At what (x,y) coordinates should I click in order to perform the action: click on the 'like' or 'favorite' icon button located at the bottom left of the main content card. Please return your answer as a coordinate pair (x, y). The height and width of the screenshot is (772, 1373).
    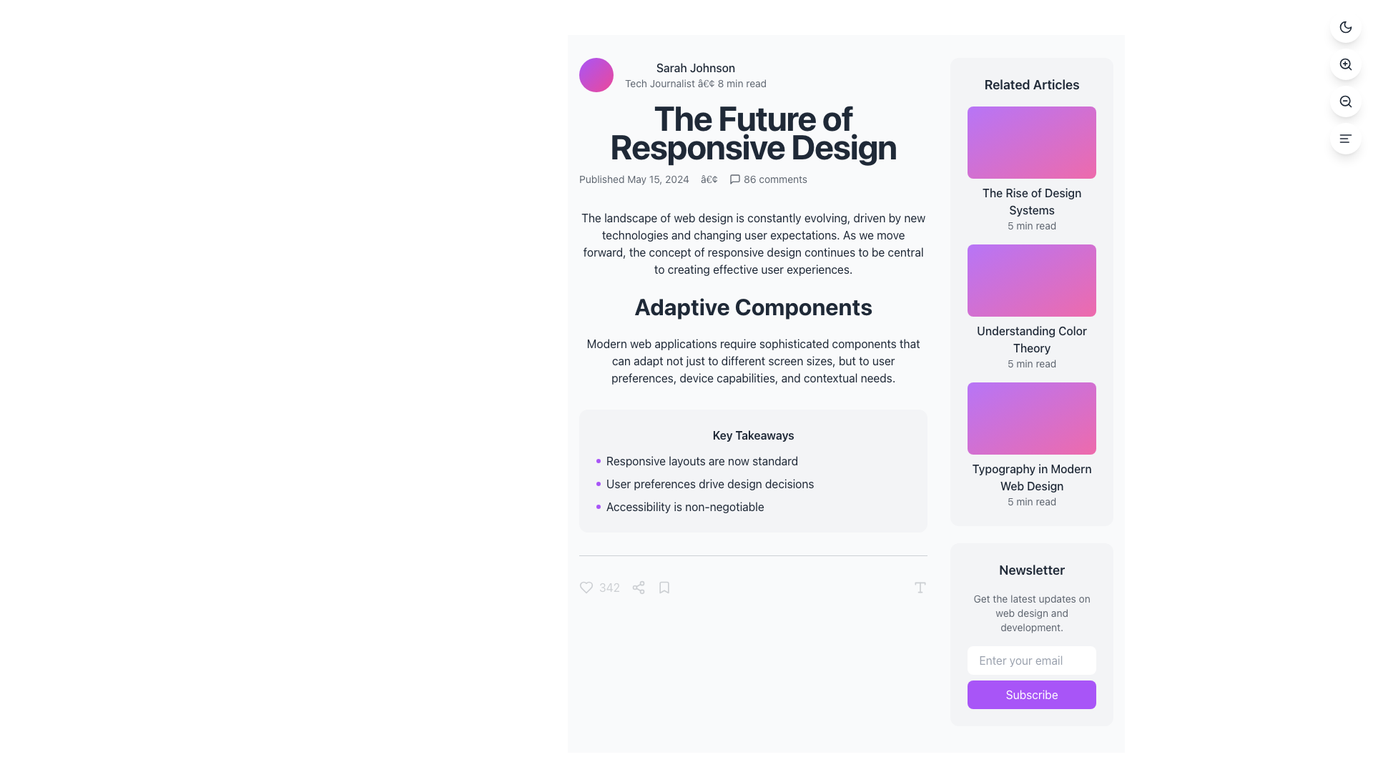
    Looking at the image, I should click on (586, 587).